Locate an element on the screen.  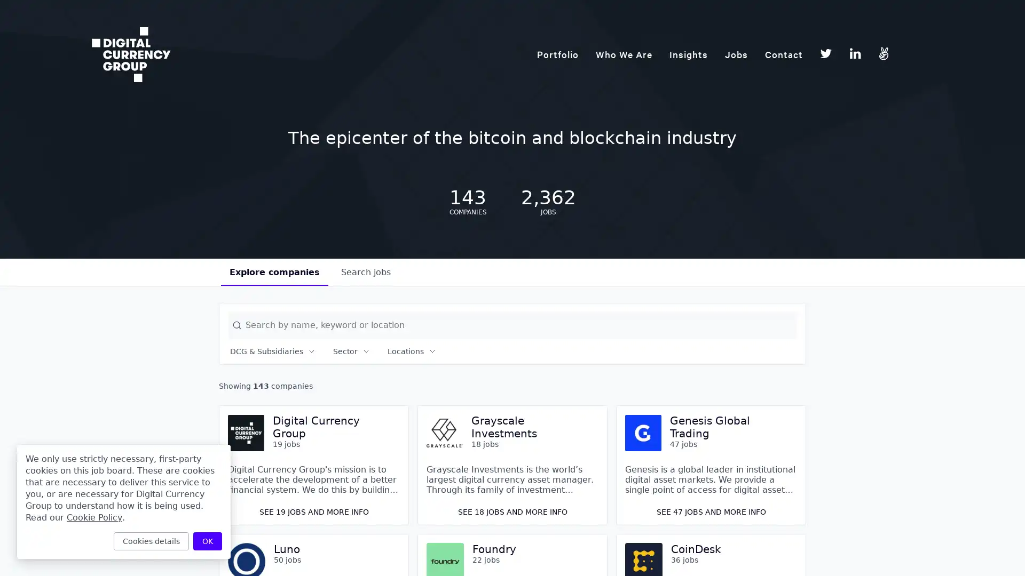
OK is located at coordinates (207, 541).